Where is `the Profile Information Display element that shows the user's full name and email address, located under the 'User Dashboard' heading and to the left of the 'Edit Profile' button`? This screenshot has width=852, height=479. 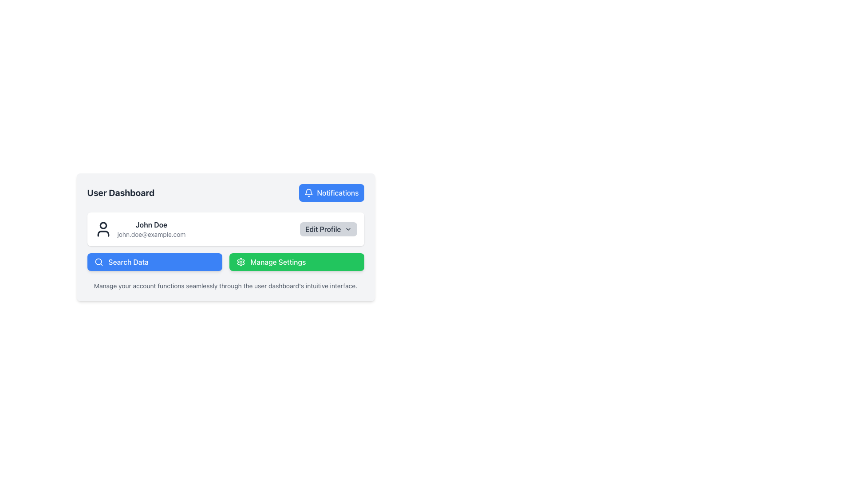
the Profile Information Display element that shows the user's full name and email address, located under the 'User Dashboard' heading and to the left of the 'Edit Profile' button is located at coordinates (139, 228).